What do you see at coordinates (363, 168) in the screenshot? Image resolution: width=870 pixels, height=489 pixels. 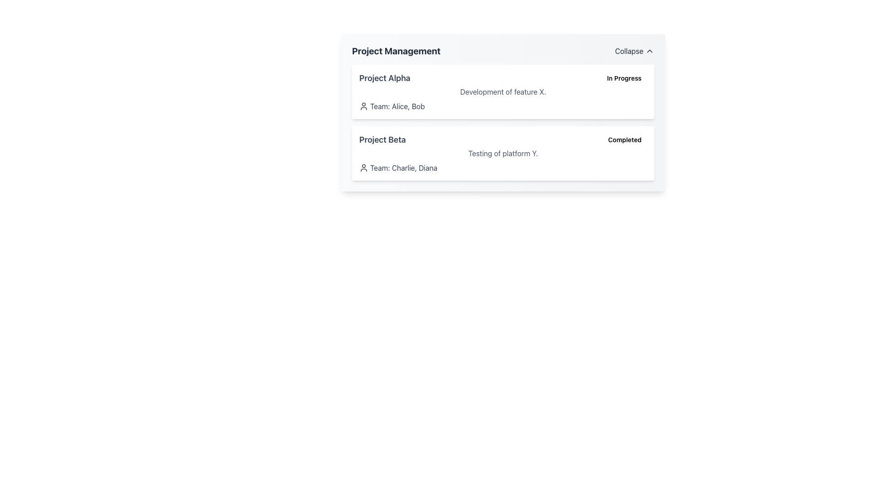 I see `the user icon, which is a circular head and shoulders outline in dark gray, located next to the text 'Team: Charlie, Diana' in the 'Project Beta' section` at bounding box center [363, 168].